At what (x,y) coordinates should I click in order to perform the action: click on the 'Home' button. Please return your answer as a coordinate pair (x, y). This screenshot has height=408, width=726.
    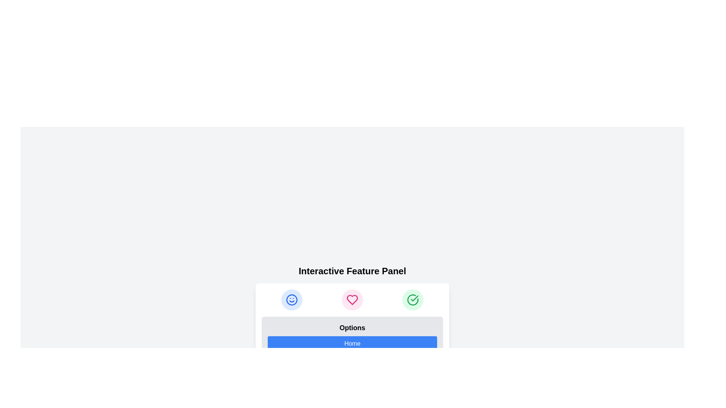
    Looking at the image, I should click on (352, 344).